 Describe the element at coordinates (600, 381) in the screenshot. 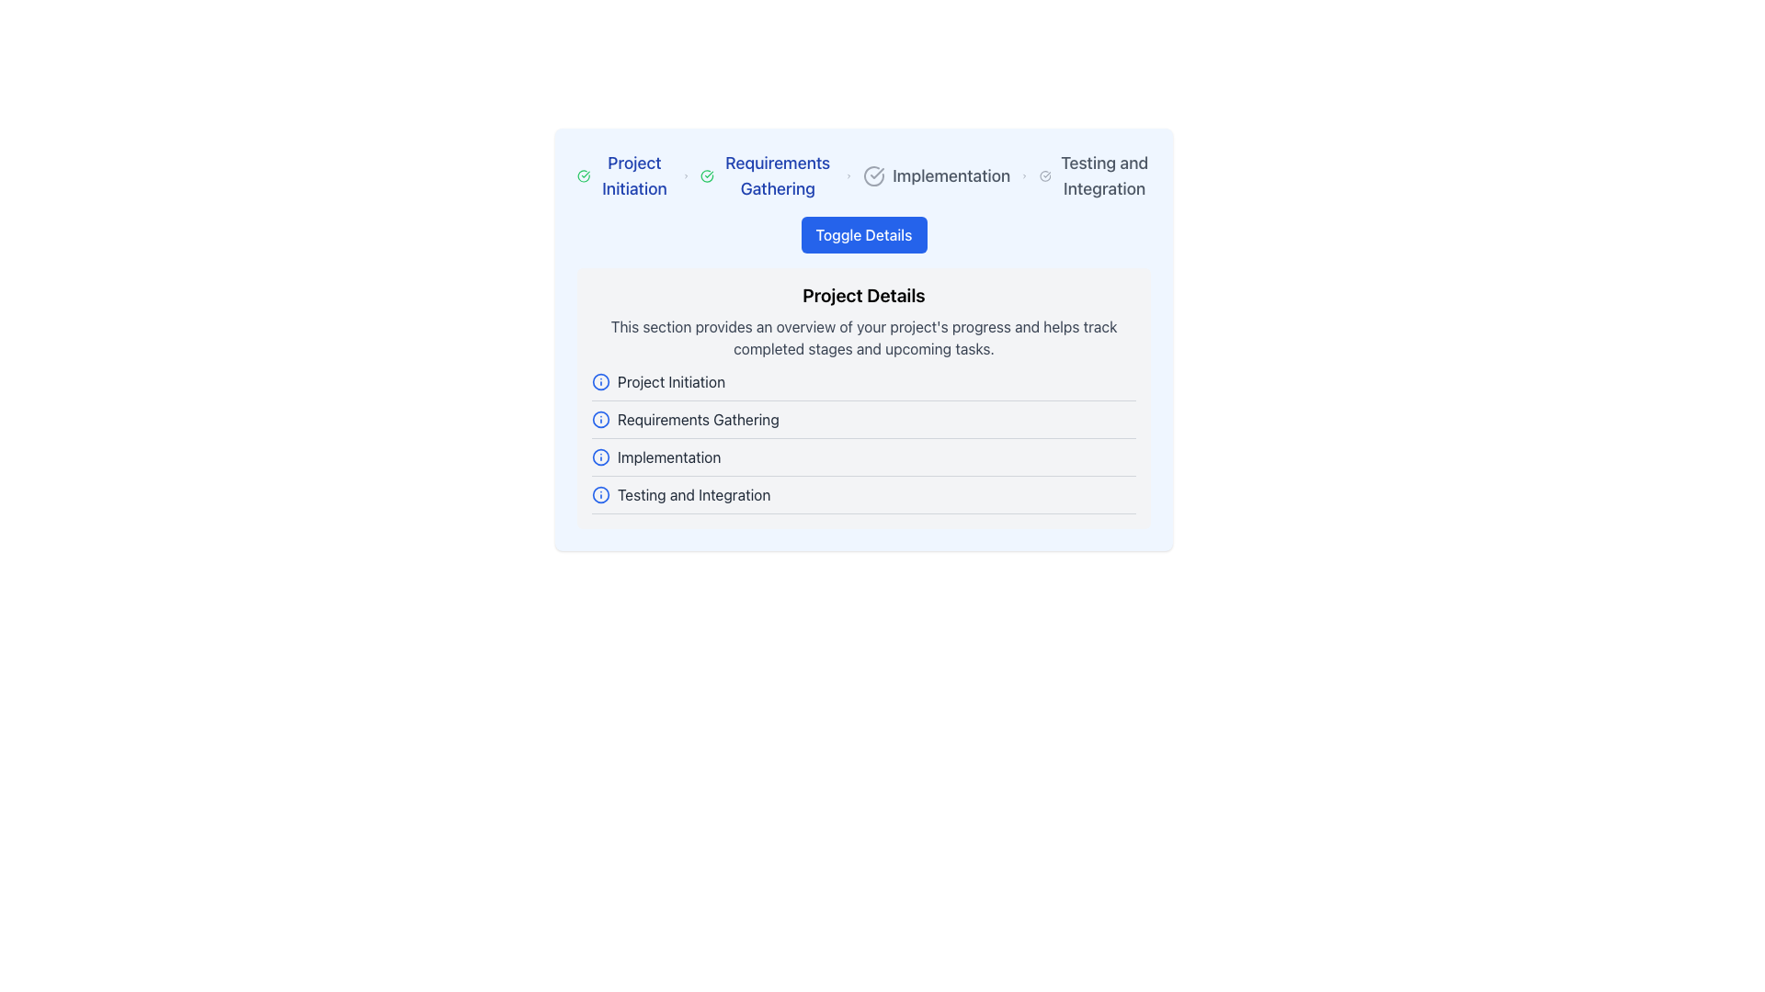

I see `the circular icon button with a blue border and 'i' symbol, located in the 'Project Details' section next to the 'Project Initiation' title` at that location.